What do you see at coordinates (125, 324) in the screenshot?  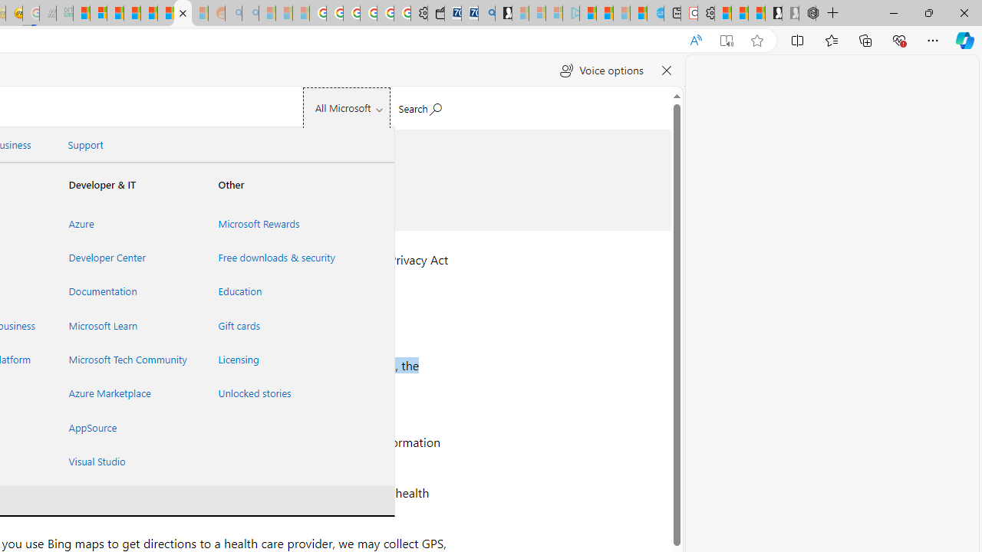 I see `'Microsoft Learn'` at bounding box center [125, 324].